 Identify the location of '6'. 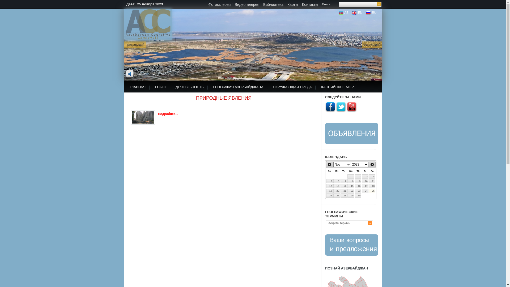
(336, 181).